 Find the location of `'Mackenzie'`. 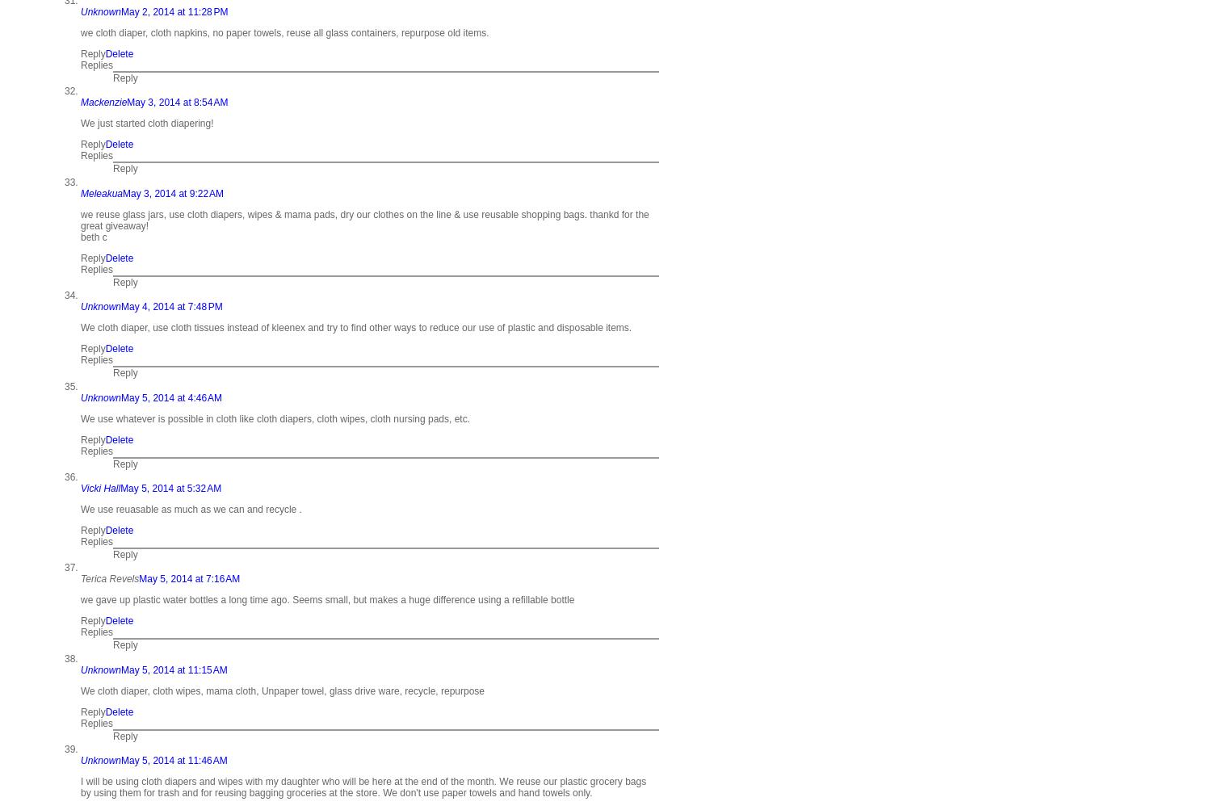

'Mackenzie' is located at coordinates (103, 101).